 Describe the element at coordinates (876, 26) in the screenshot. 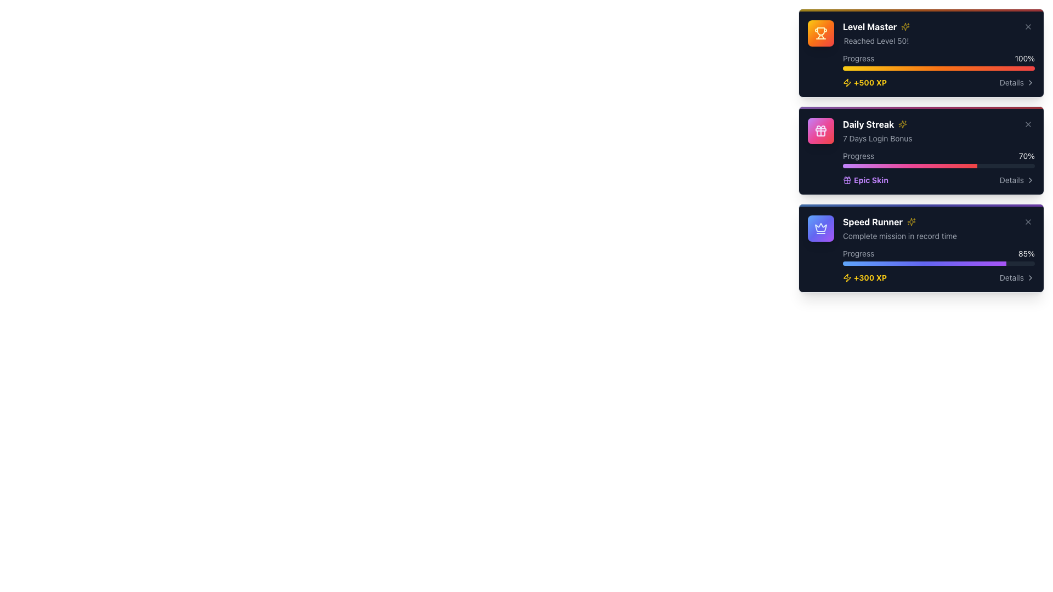

I see `the 'Level Master' label located at the top of the first card on the right side of the interface, styled with bold white font and adjacent pulsating yellow sparkles icon` at that location.